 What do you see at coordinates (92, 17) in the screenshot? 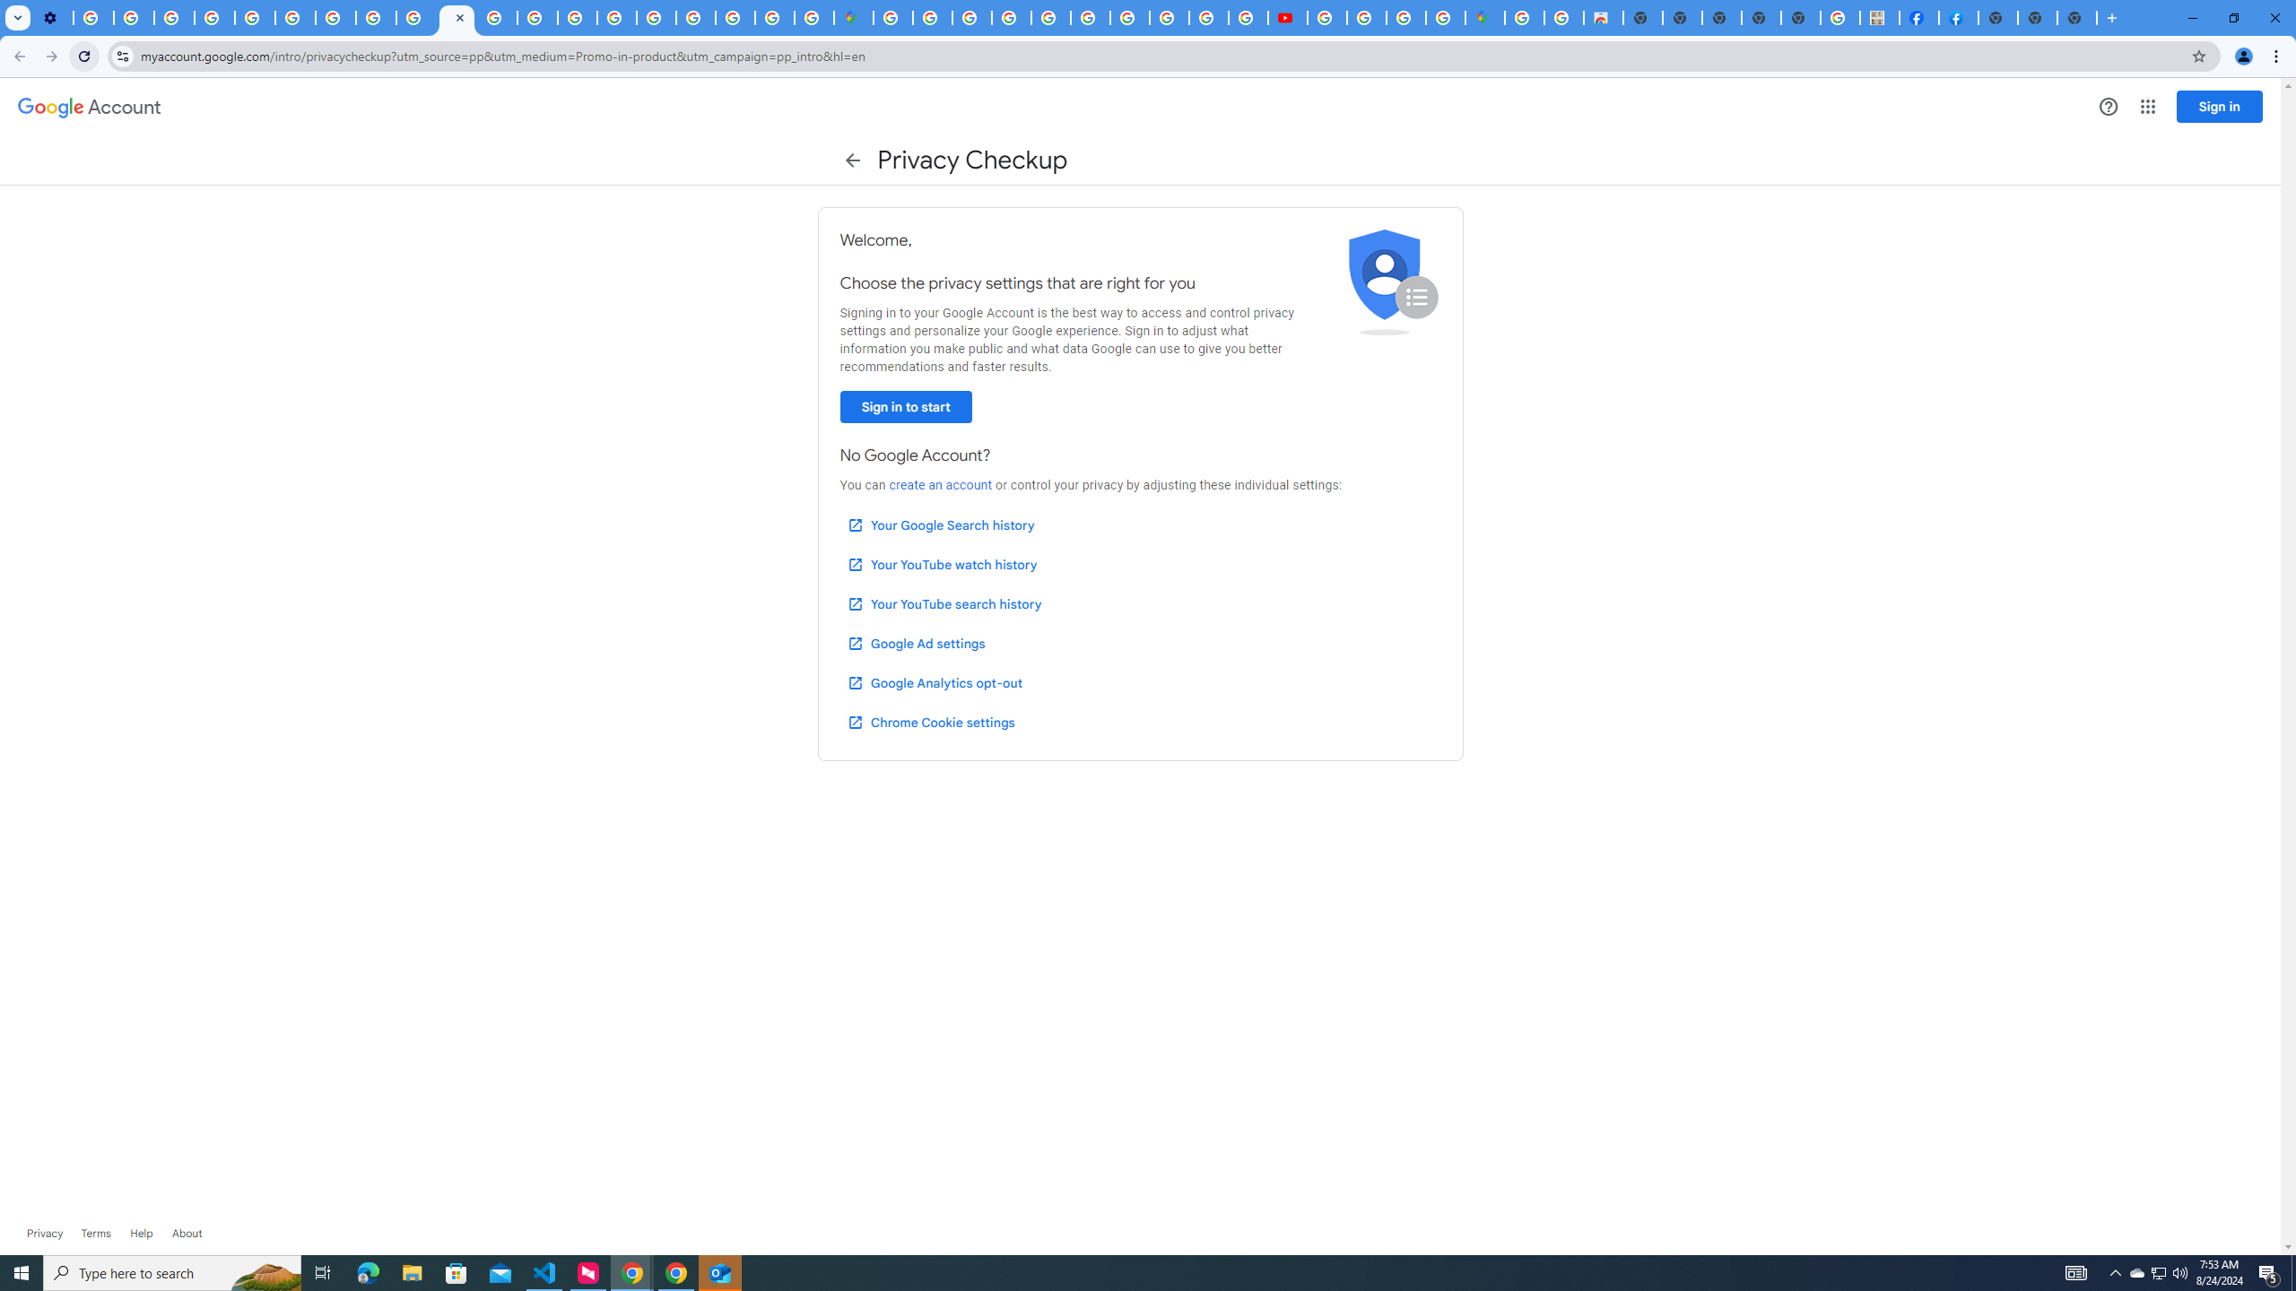
I see `'Delete photos & videos - Computer - Google Photos Help'` at bounding box center [92, 17].